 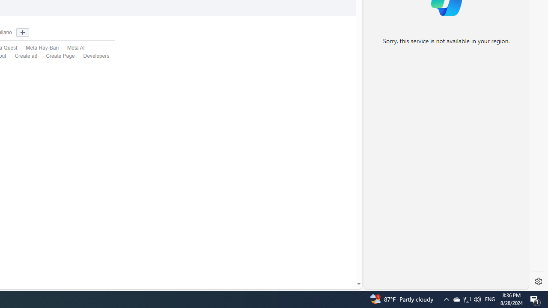 What do you see at coordinates (76, 48) in the screenshot?
I see `'Meta AI'` at bounding box center [76, 48].